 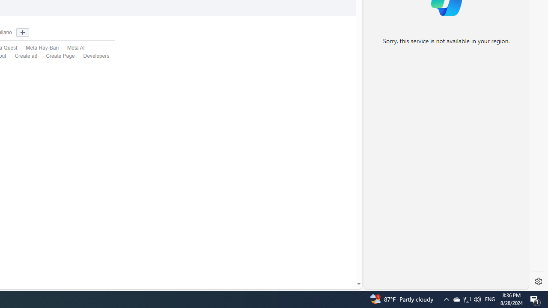 What do you see at coordinates (76, 48) in the screenshot?
I see `'Meta AI'` at bounding box center [76, 48].